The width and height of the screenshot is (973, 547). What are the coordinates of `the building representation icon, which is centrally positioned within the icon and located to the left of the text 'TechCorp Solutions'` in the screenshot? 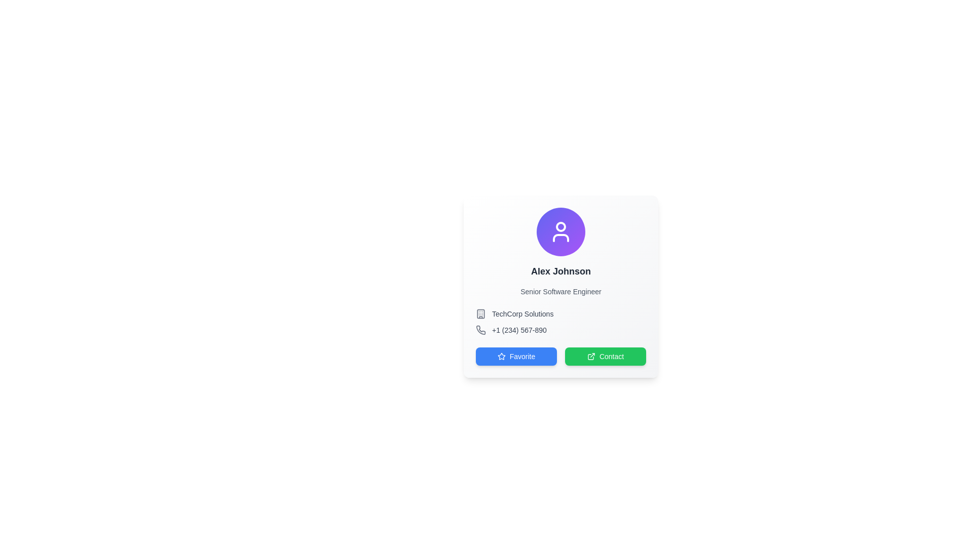 It's located at (480, 314).